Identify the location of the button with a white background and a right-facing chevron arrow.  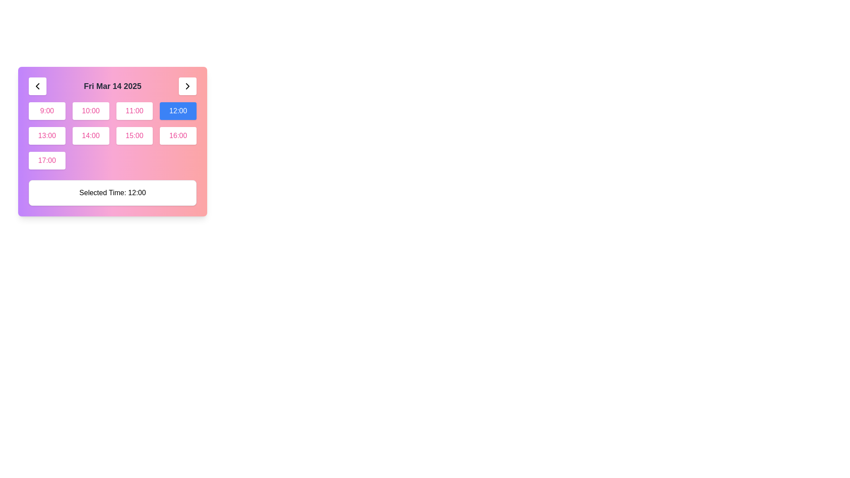
(187, 86).